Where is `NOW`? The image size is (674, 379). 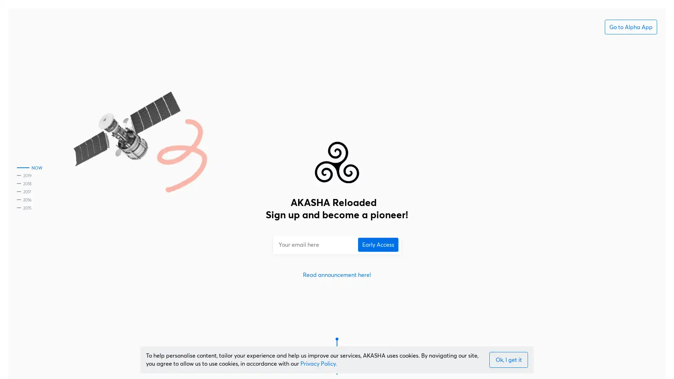
NOW is located at coordinates (29, 168).